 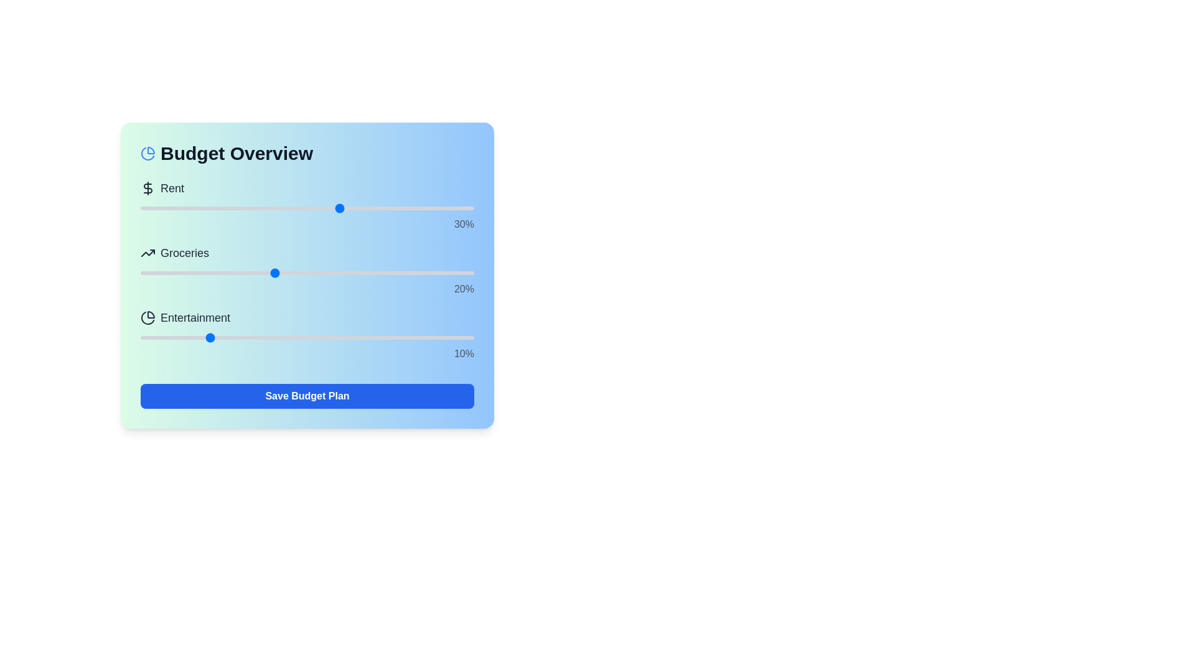 I want to click on the top-right slice of the pie chart icon, so click(x=151, y=150).